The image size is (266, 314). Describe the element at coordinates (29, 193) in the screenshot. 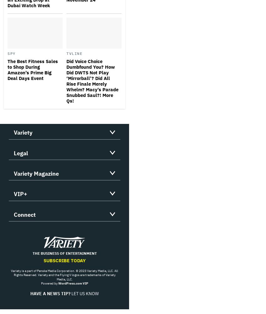

I see `'Accessibility'` at that location.